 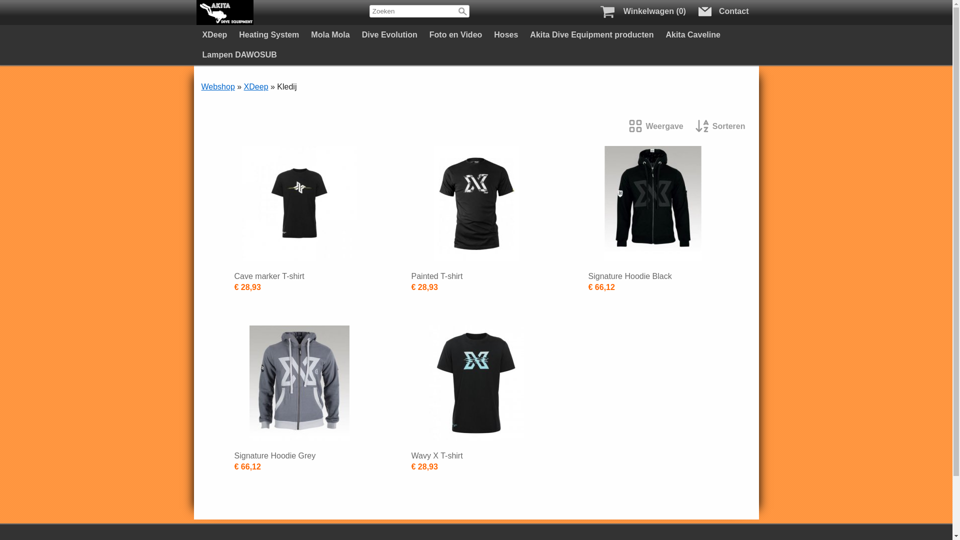 What do you see at coordinates (487, 34) in the screenshot?
I see `'Hoses'` at bounding box center [487, 34].